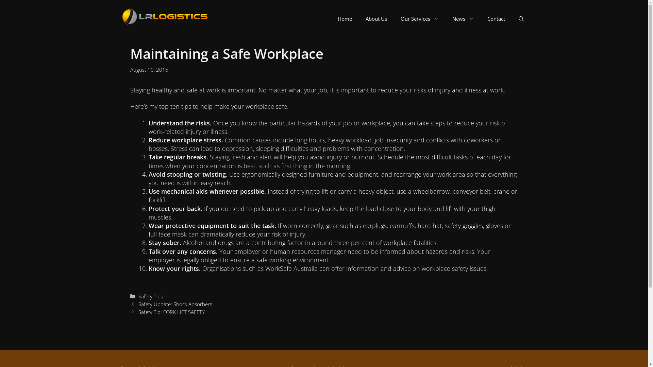 This screenshot has width=653, height=367. Describe the element at coordinates (376, 18) in the screenshot. I see `'About Us'` at that location.